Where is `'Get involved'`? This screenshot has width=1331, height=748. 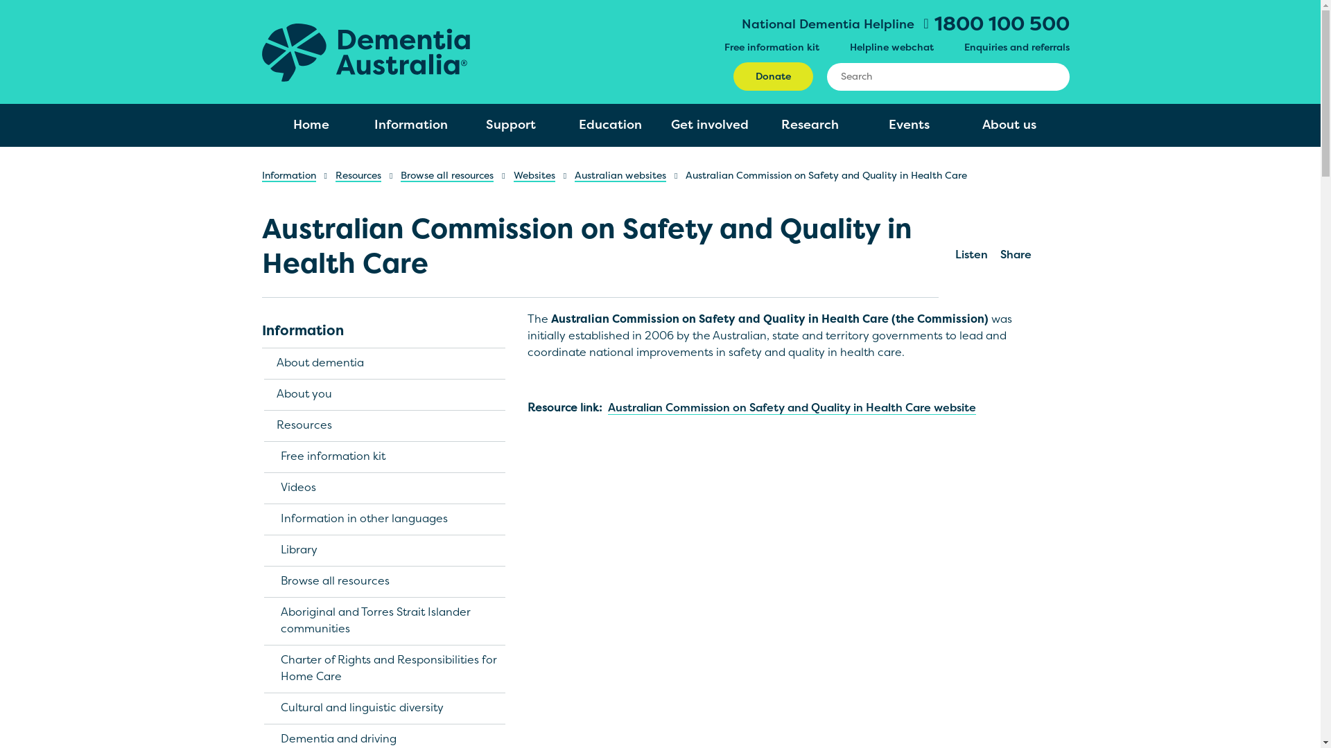 'Get involved' is located at coordinates (709, 125).